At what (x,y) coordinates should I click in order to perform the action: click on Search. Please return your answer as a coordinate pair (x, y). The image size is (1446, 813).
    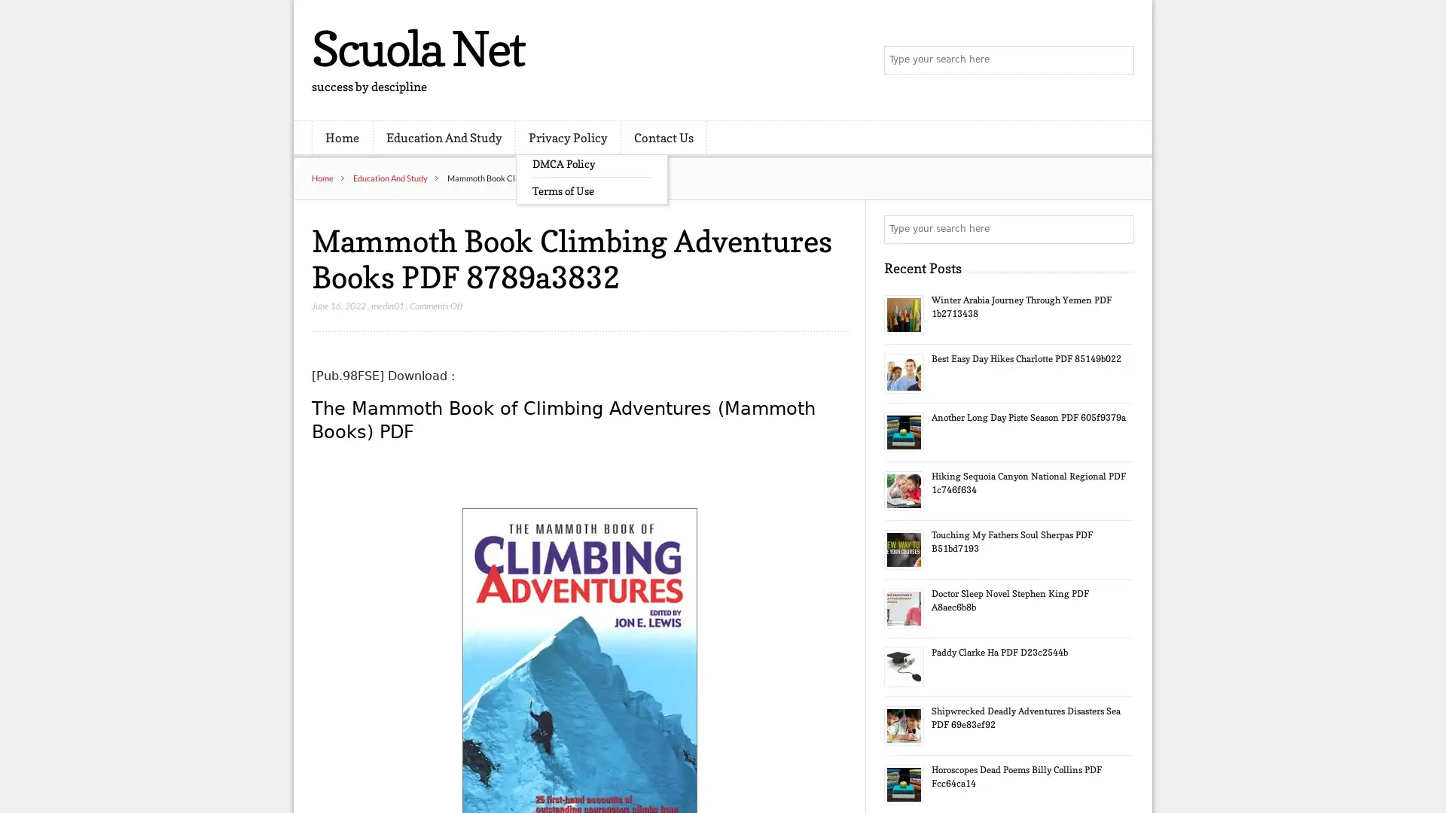
    Looking at the image, I should click on (1118, 229).